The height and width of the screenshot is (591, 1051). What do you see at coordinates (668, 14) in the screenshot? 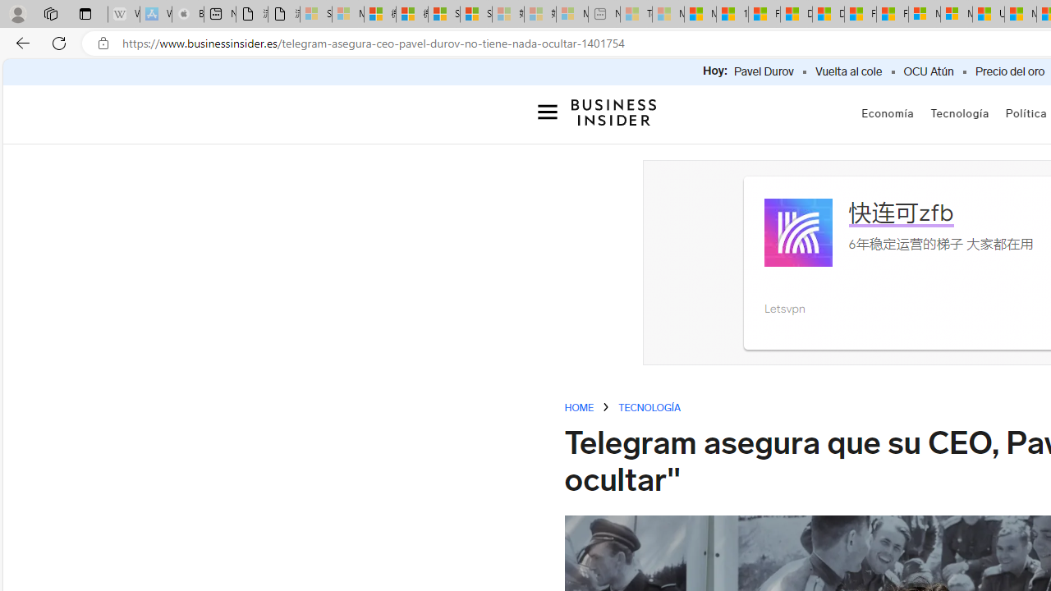
I see `'Marine life - MSN - Sleeping'` at bounding box center [668, 14].